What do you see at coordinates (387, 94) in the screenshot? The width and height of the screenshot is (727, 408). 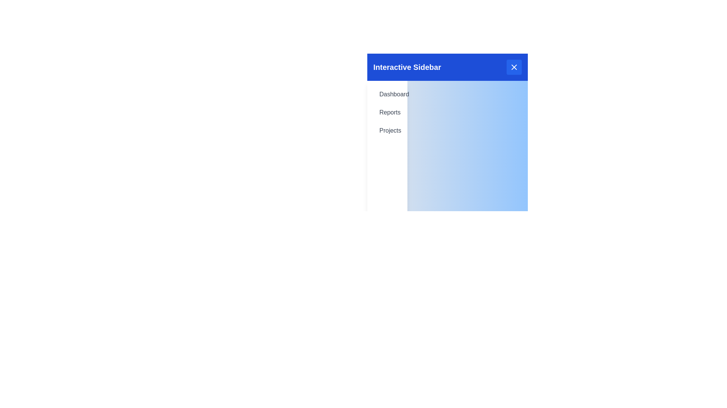 I see `the menu item Dashboard in the sidebar` at bounding box center [387, 94].